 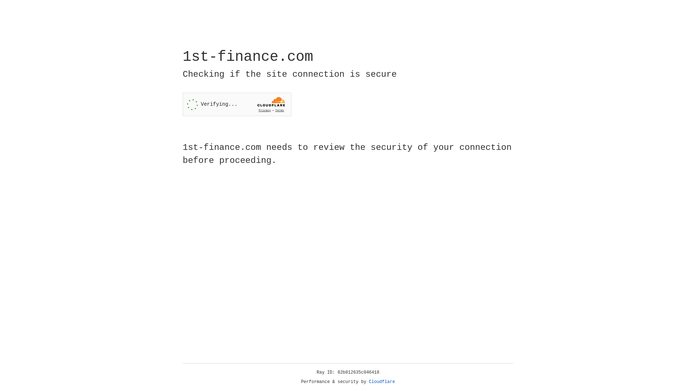 What do you see at coordinates (382, 382) in the screenshot?
I see `'Cloudflare'` at bounding box center [382, 382].